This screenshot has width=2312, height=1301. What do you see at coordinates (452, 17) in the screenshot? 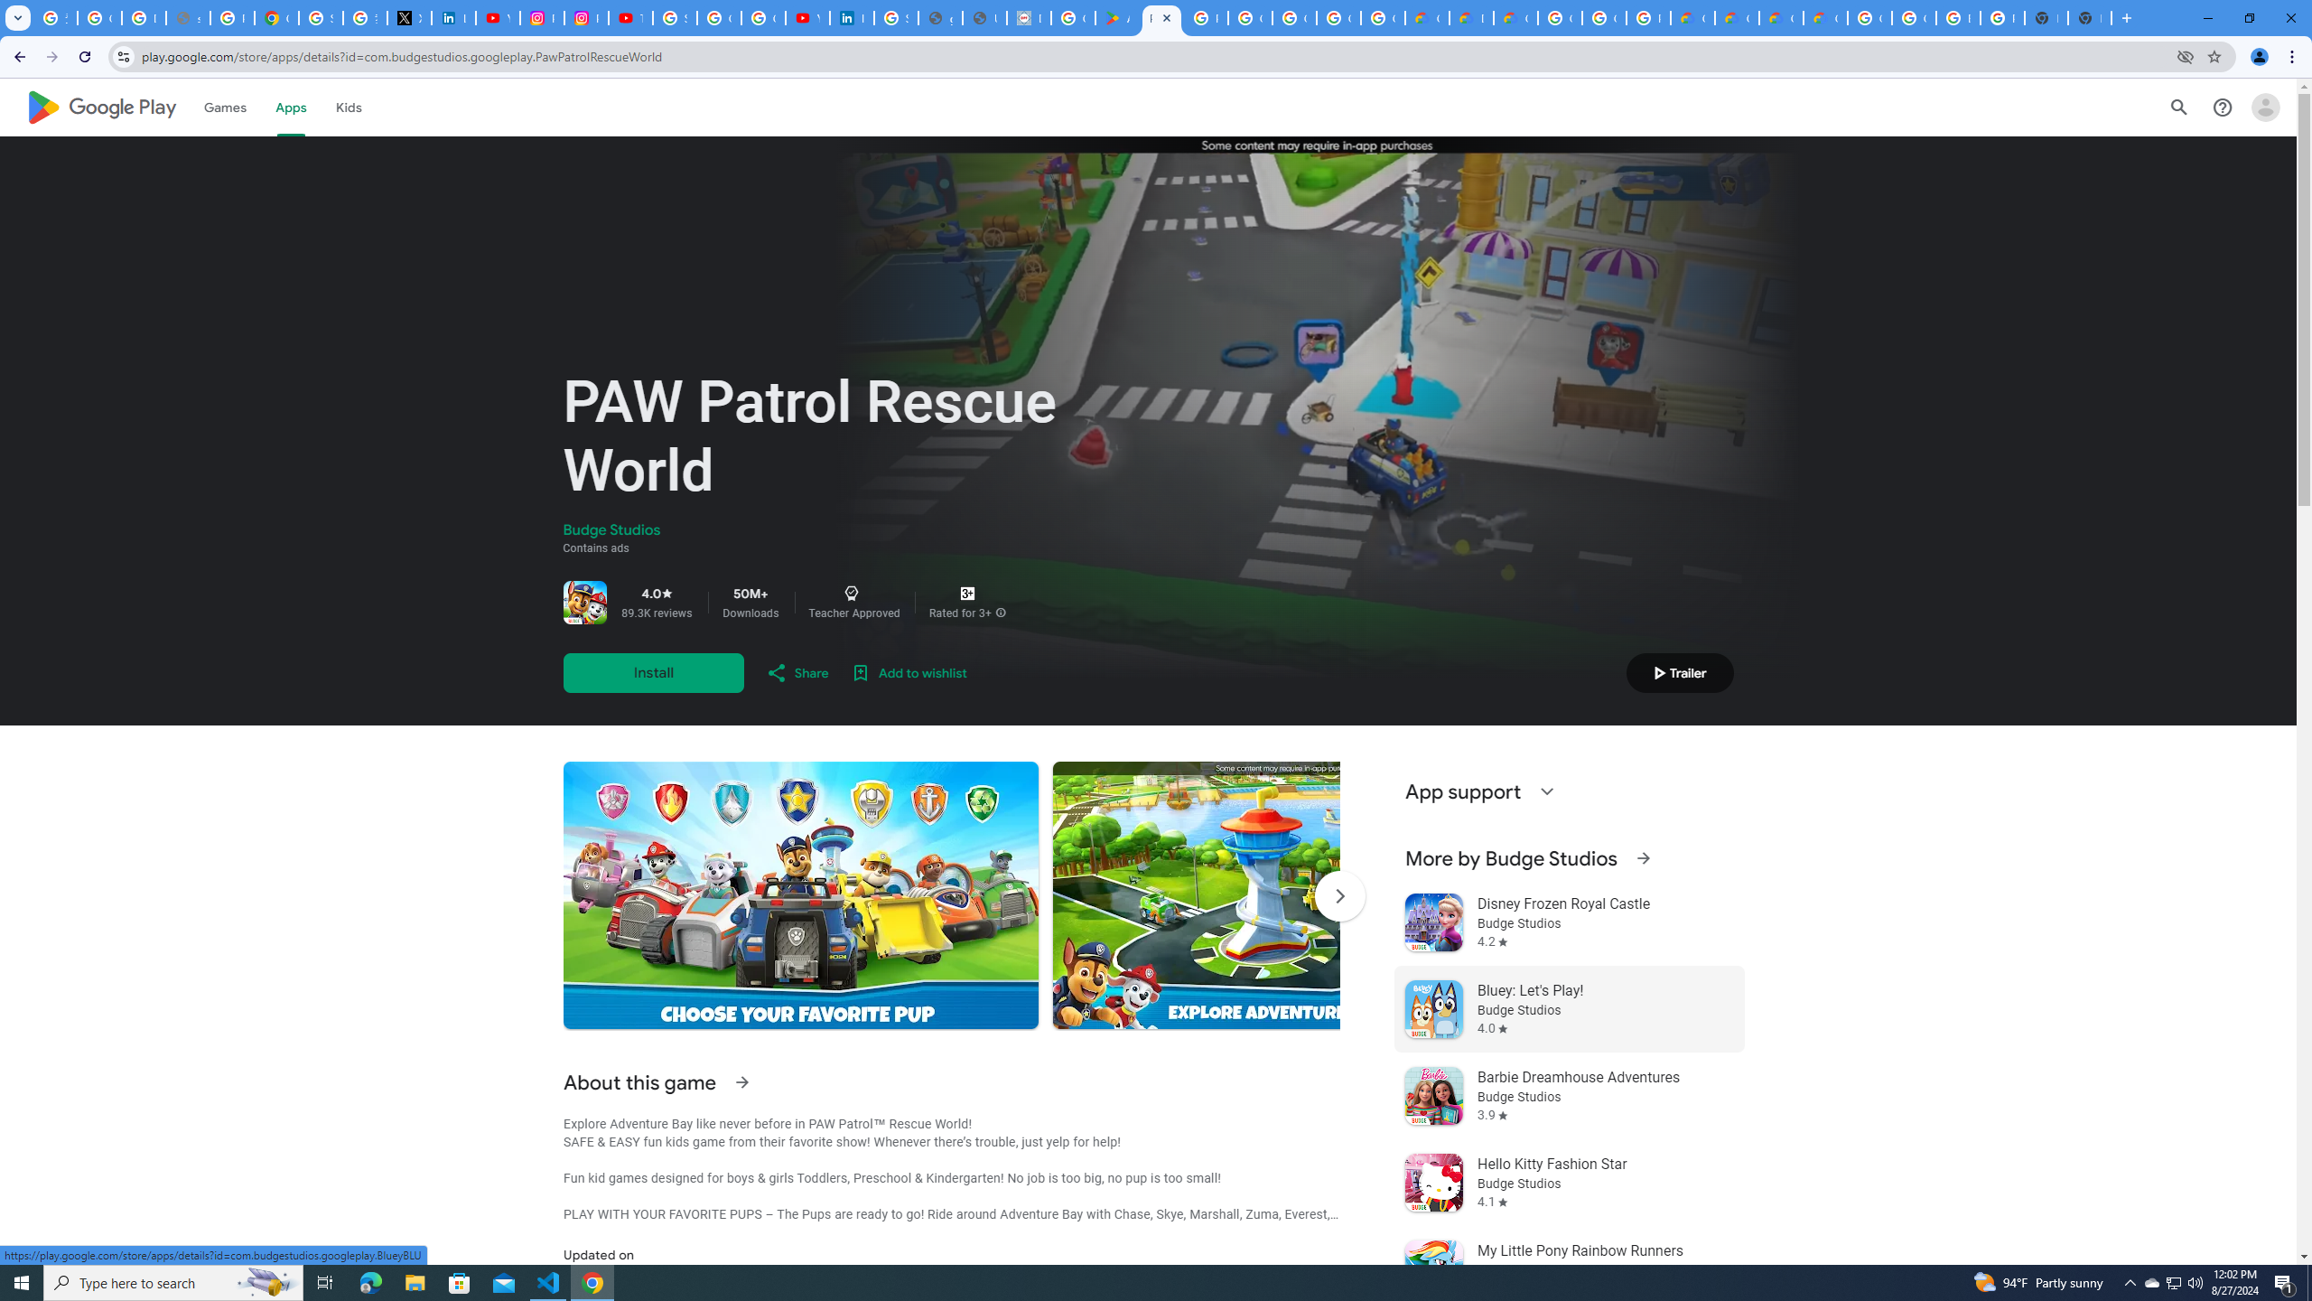
I see `'LinkedIn Privacy Policy'` at bounding box center [452, 17].